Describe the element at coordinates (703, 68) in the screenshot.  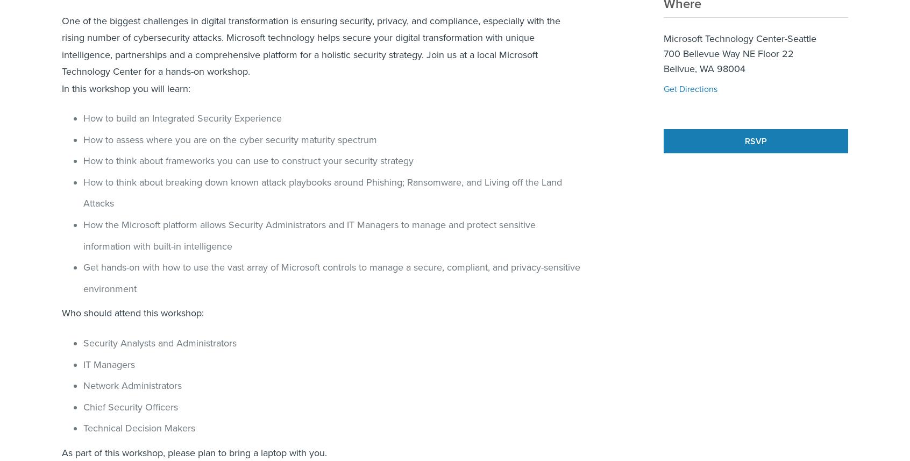
I see `'Bellvue, WA 98004'` at that location.